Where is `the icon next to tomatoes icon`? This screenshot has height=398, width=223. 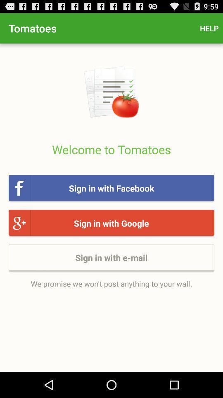
the icon next to tomatoes icon is located at coordinates (209, 28).